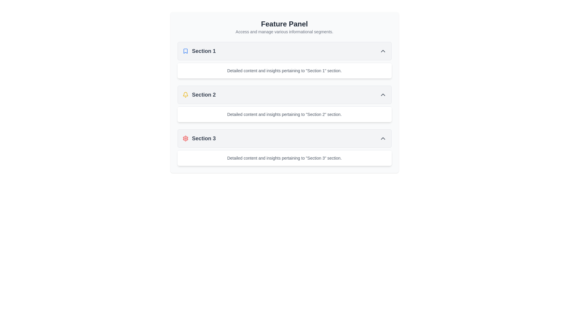 The image size is (571, 321). What do you see at coordinates (284, 114) in the screenshot?
I see `the static informational text providing descriptive information regarding 'Section 2' in the Feature Panel interface, located directly below its heading` at bounding box center [284, 114].